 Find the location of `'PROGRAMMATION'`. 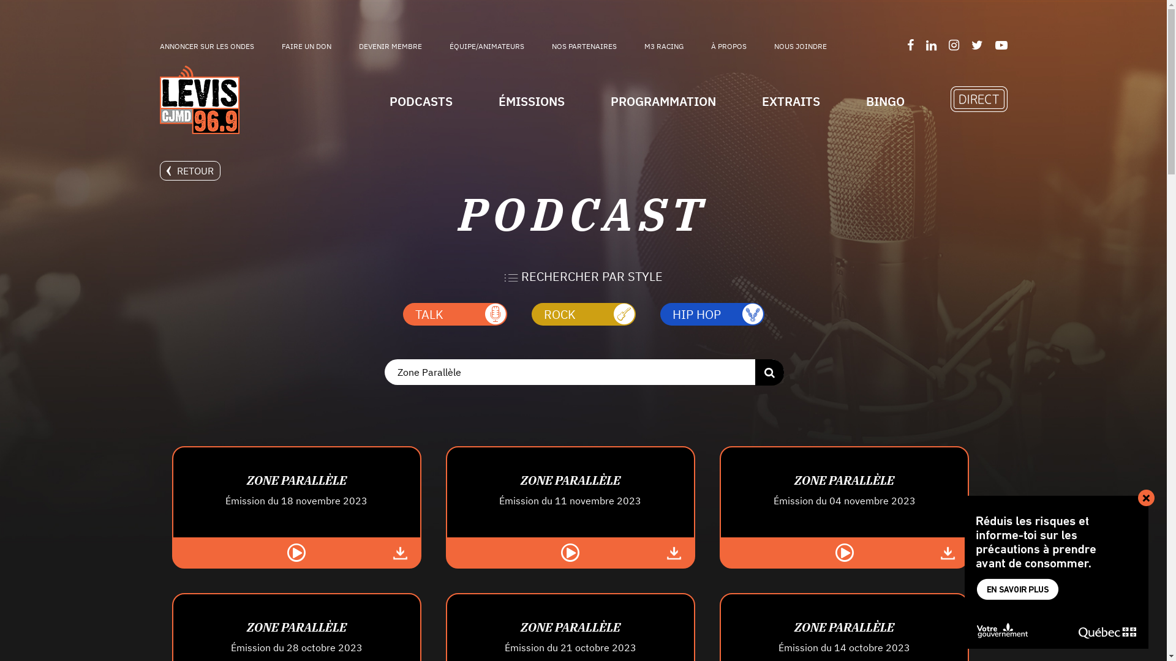

'PROGRAMMATION' is located at coordinates (661, 100).